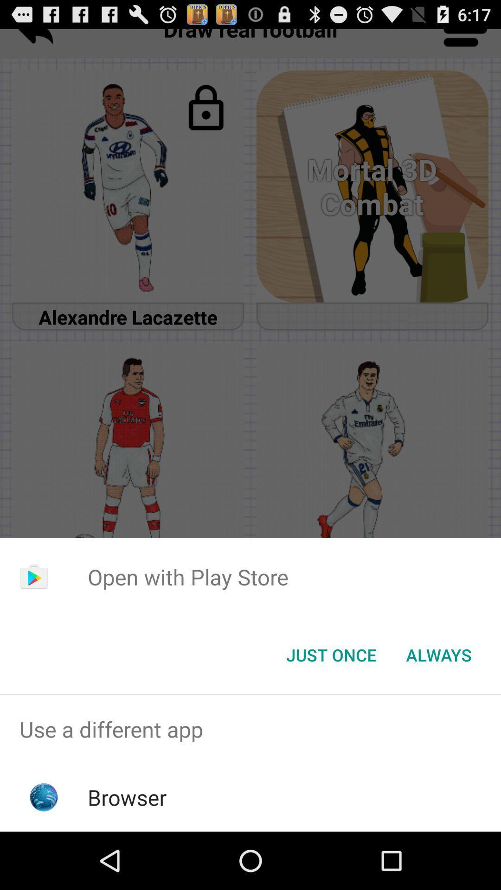  What do you see at coordinates (250, 729) in the screenshot?
I see `the use a different icon` at bounding box center [250, 729].